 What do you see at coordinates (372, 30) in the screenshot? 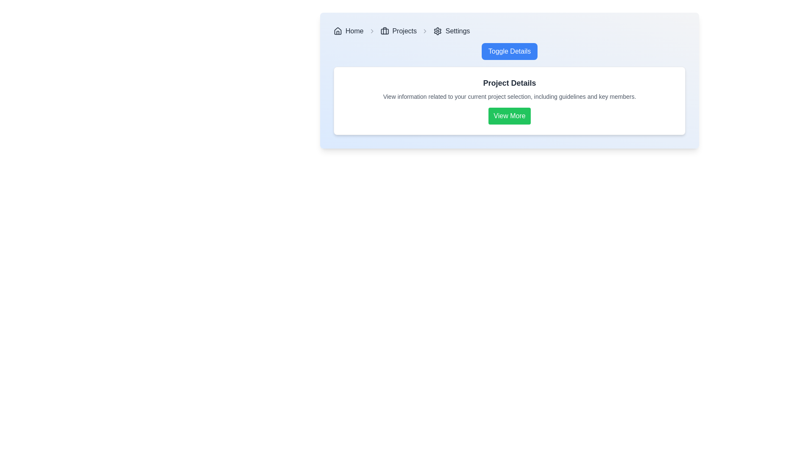
I see `the small right-facing grey arrow icon located between the 'Home' and 'Projects' buttons in the horizontal navigation bar at the upper section of the interface` at bounding box center [372, 30].